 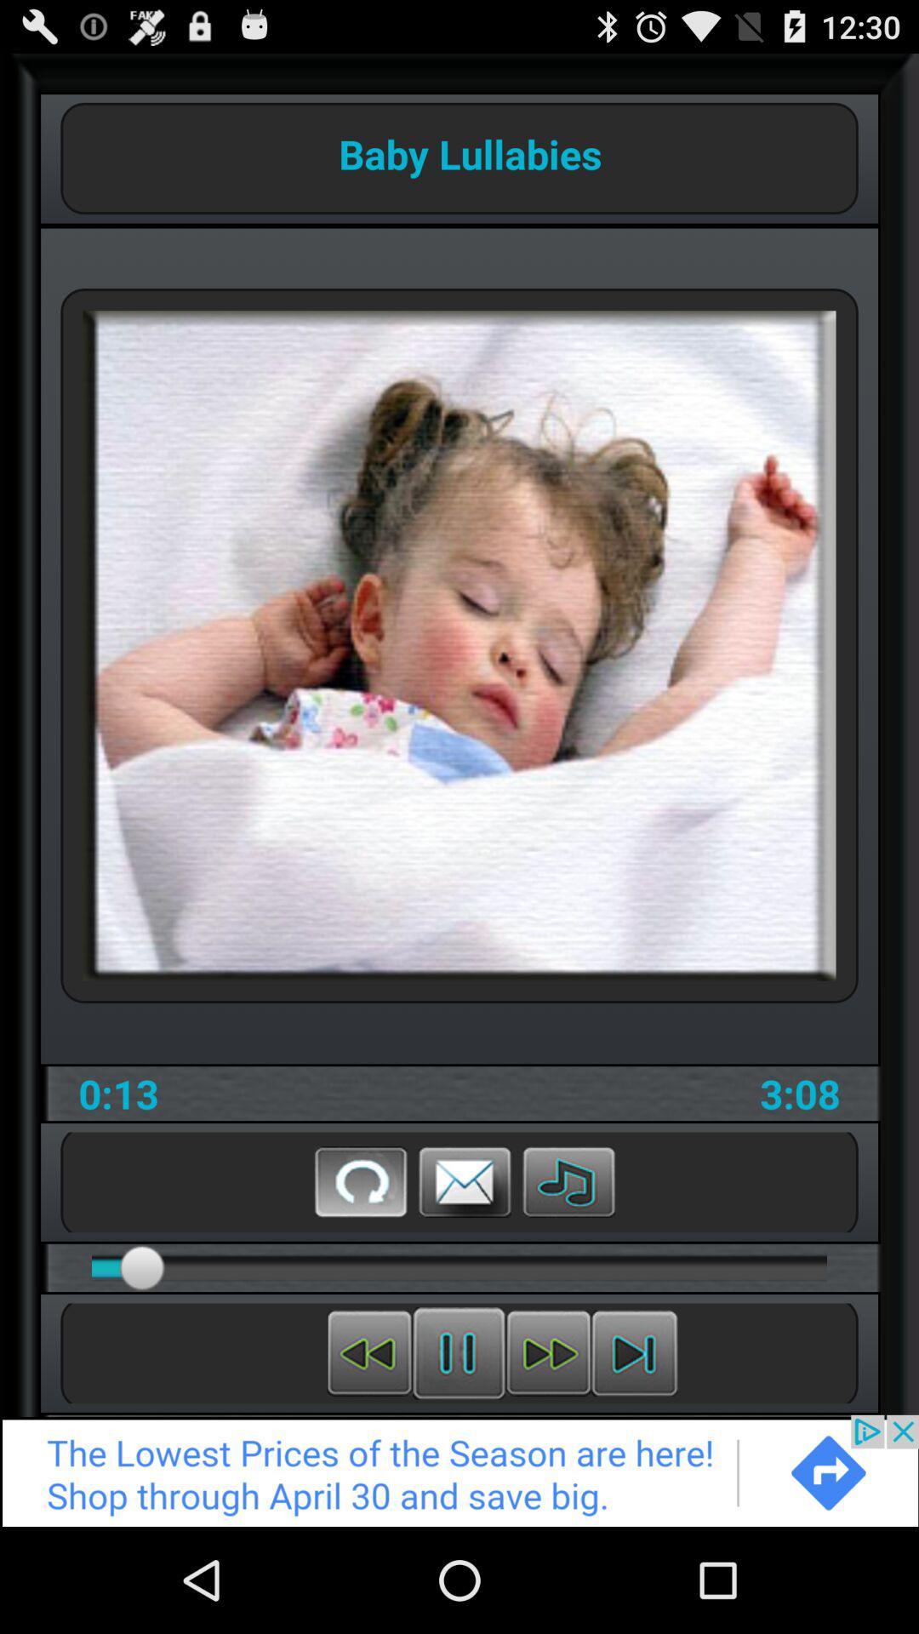 What do you see at coordinates (634, 1448) in the screenshot?
I see `the skip_next icon` at bounding box center [634, 1448].